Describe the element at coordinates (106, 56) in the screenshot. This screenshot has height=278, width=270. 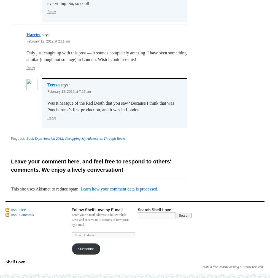
I see `'Only just caught up with this post — it sounds completely amazing. I have seen something similar (though not so huge) in London. Wish I could see this!'` at that location.